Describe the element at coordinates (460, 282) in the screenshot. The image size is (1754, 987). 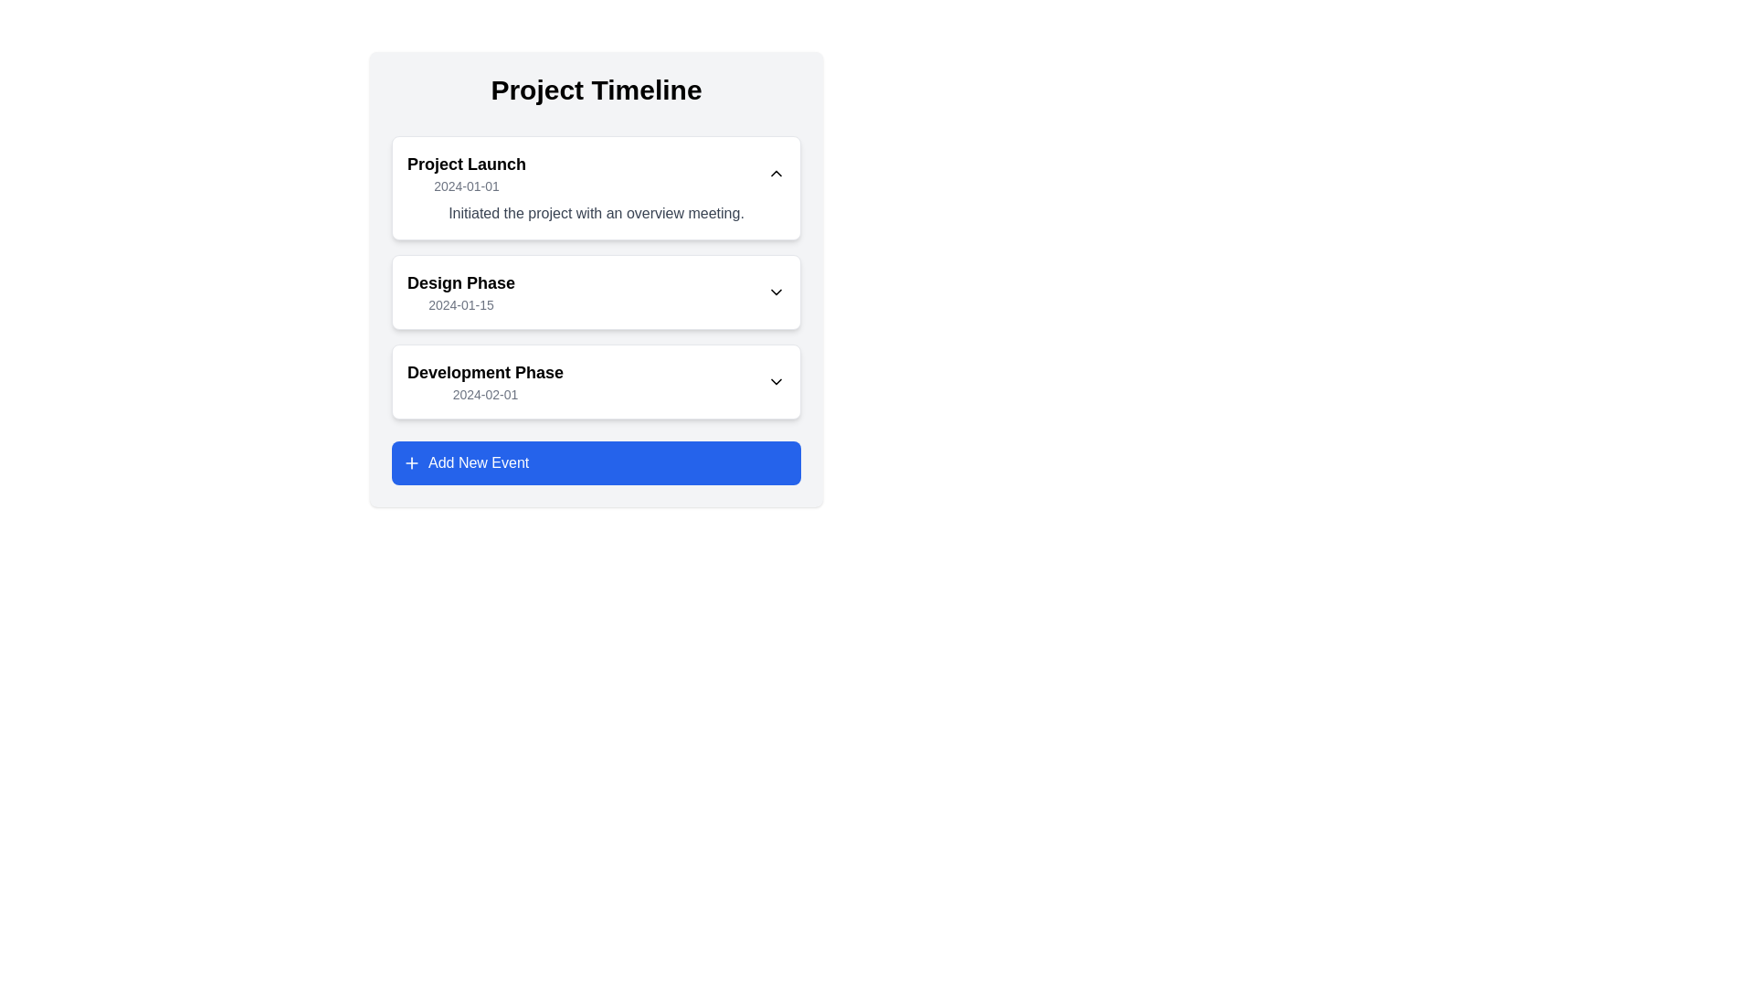
I see `the 'Design Phase' text label, which is prominently displayed in bold and larger font size, located in the middle section of the timeline interface above the date '2024-01-15'` at that location.